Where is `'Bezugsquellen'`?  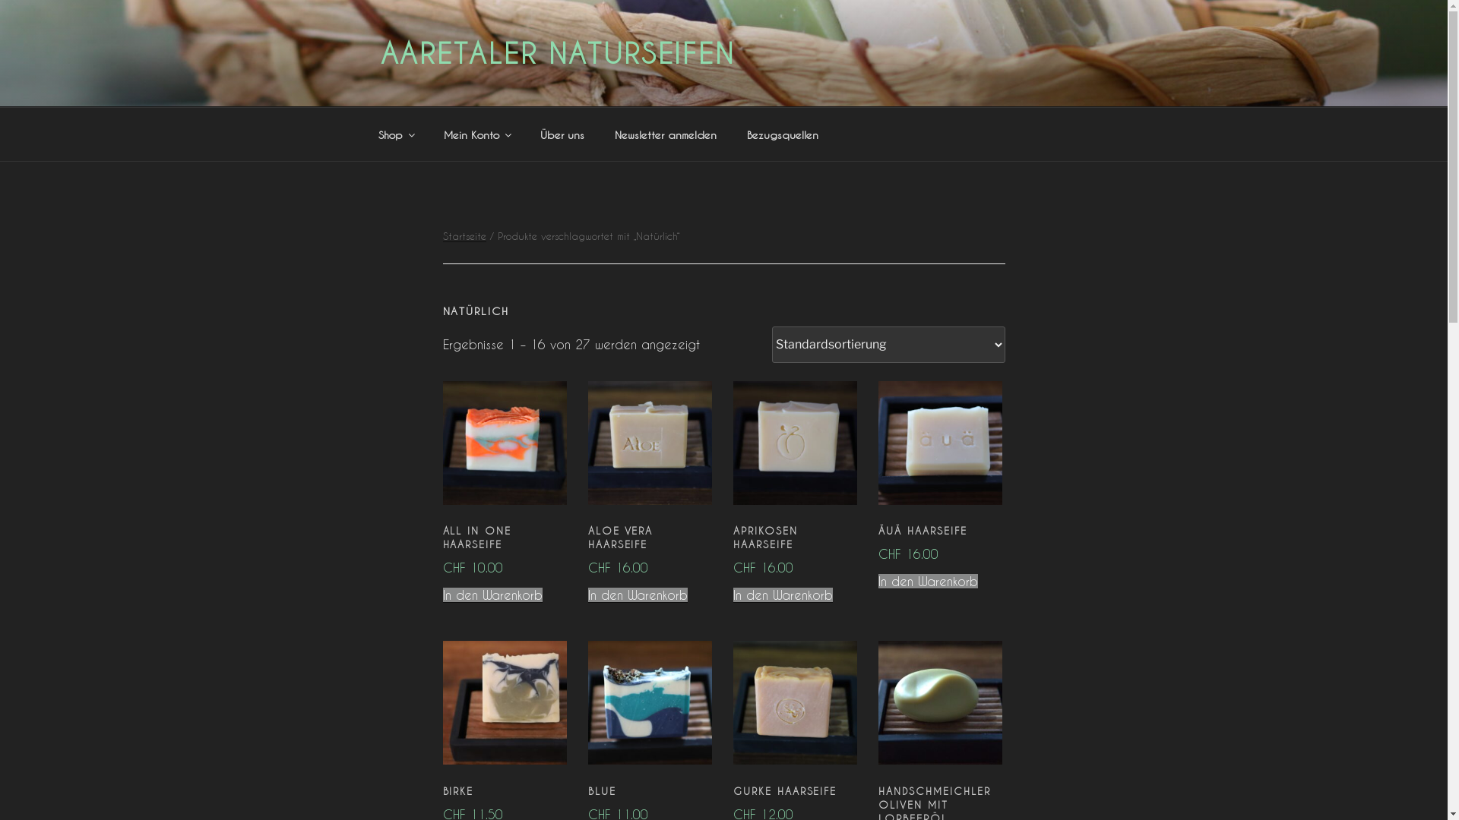 'Bezugsquellen' is located at coordinates (733, 133).